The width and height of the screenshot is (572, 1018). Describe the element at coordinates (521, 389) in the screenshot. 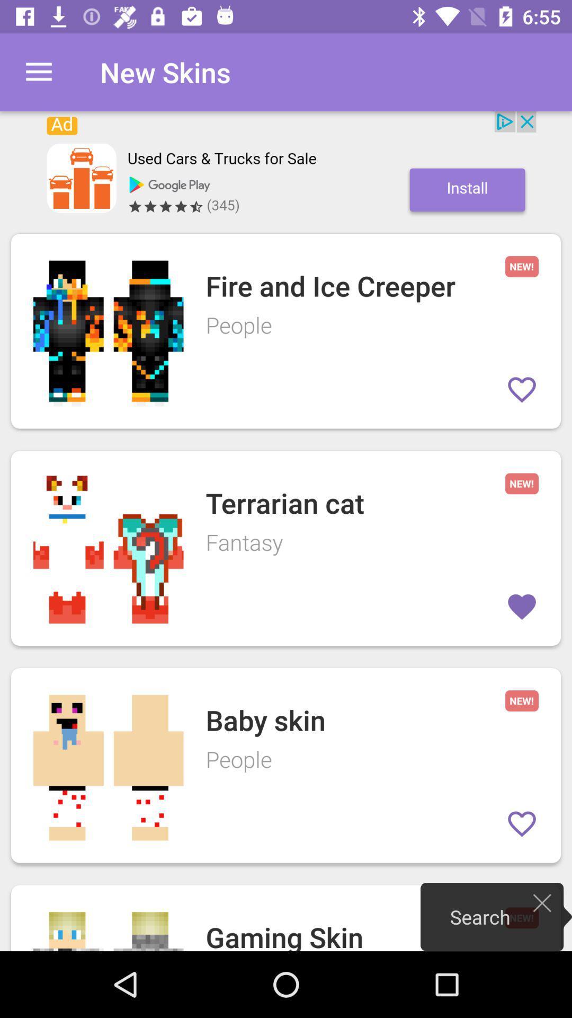

I see `like button` at that location.